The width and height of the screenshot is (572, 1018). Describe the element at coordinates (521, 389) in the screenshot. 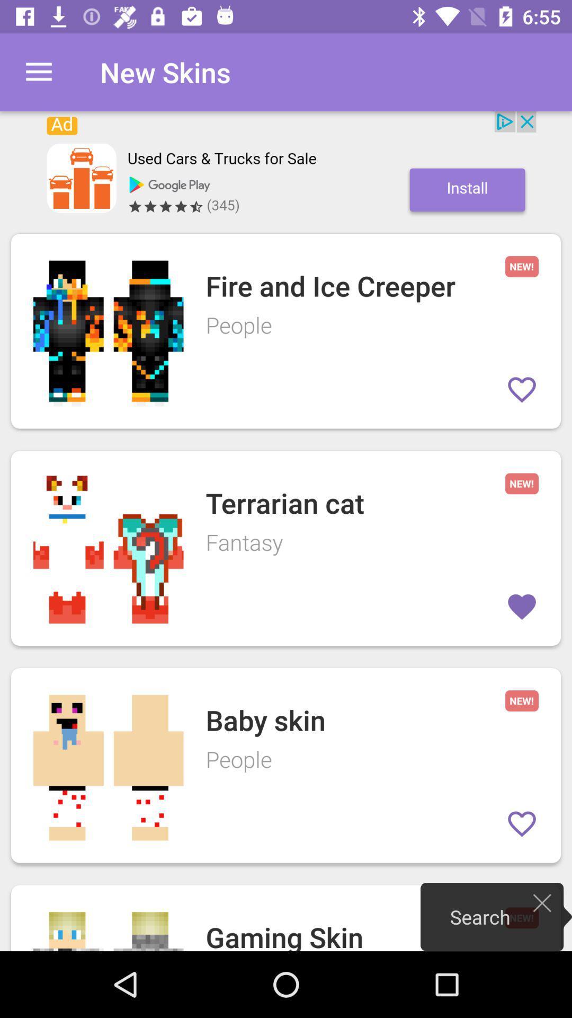

I see `like button` at that location.